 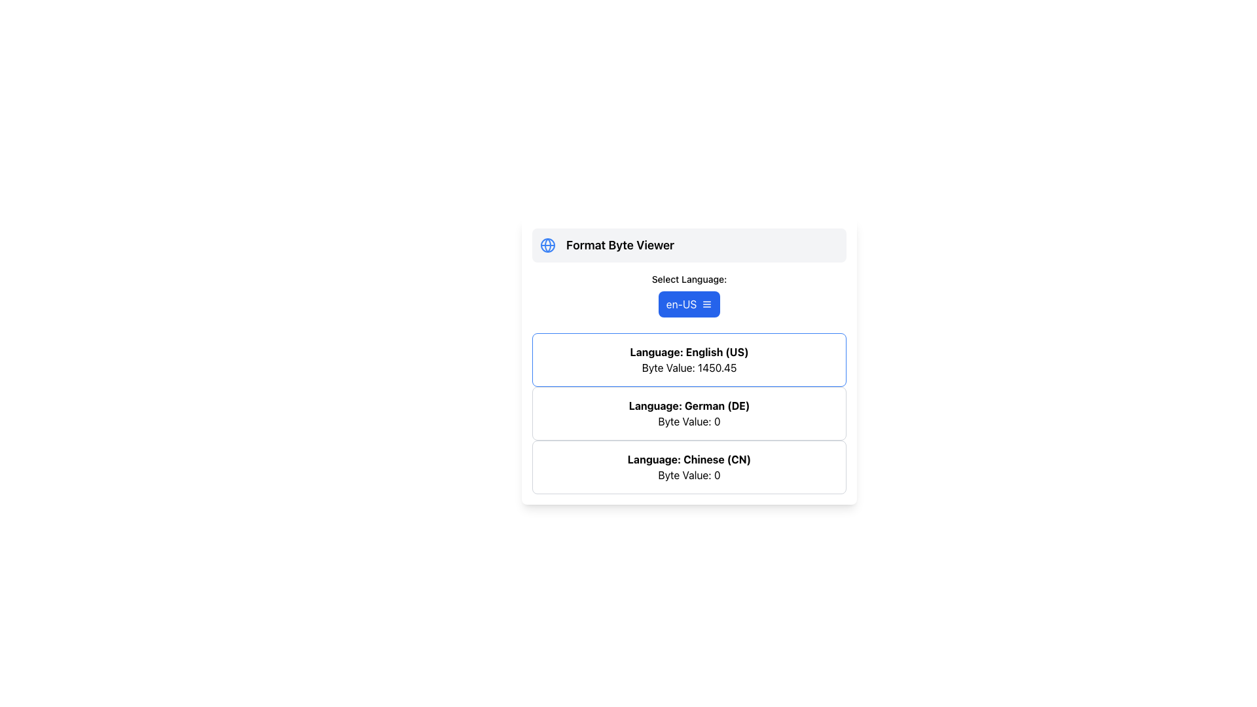 What do you see at coordinates (681, 304) in the screenshot?
I see `the blue rectangular button labeled 'en-US' which features a white text on a blue background, indicating its interactive nature` at bounding box center [681, 304].